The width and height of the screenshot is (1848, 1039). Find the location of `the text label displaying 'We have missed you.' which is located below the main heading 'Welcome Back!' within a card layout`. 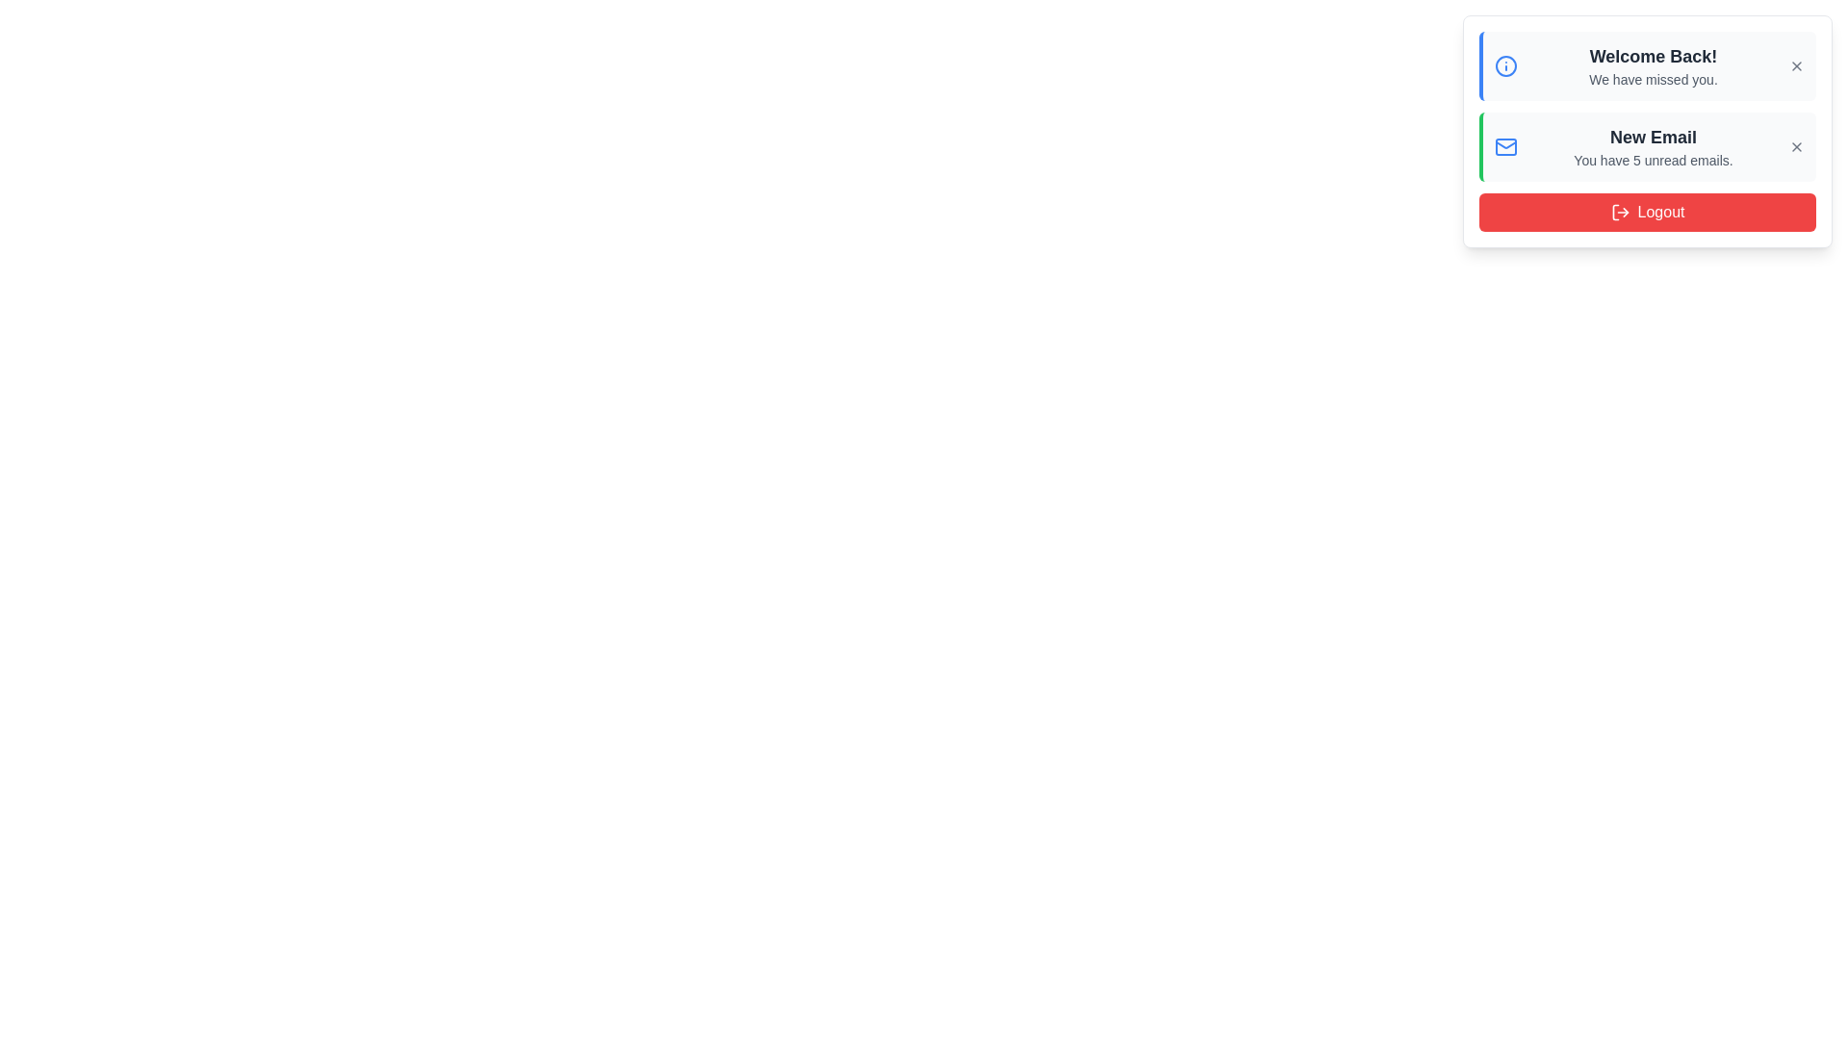

the text label displaying 'We have missed you.' which is located below the main heading 'Welcome Back!' within a card layout is located at coordinates (1653, 79).